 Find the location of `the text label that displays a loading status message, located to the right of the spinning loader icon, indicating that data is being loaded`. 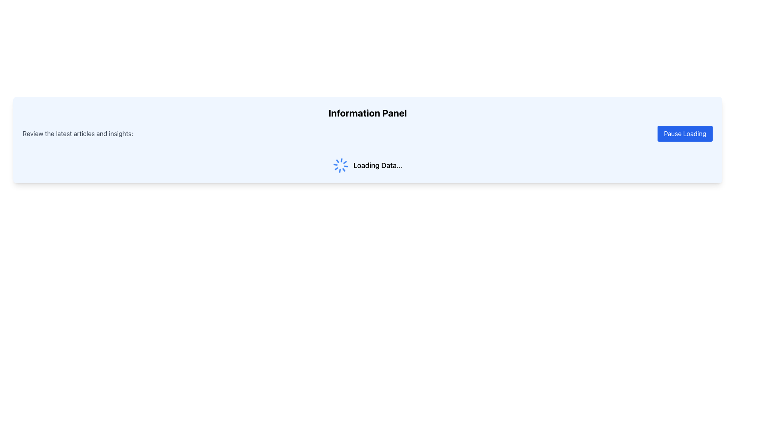

the text label that displays a loading status message, located to the right of the spinning loader icon, indicating that data is being loaded is located at coordinates (378, 165).